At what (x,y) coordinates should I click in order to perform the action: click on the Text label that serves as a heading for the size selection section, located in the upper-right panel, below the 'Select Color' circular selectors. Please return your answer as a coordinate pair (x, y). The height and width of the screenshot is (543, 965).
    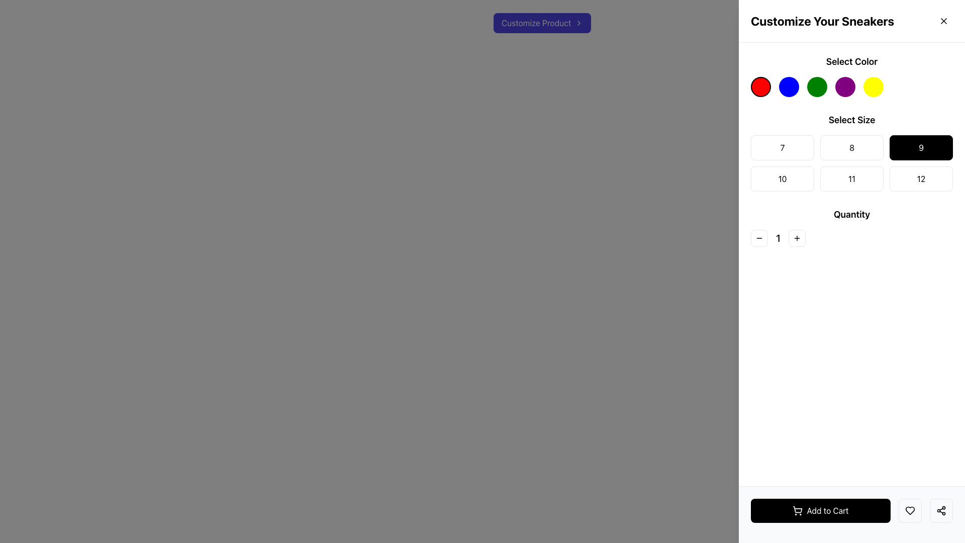
    Looking at the image, I should click on (851, 120).